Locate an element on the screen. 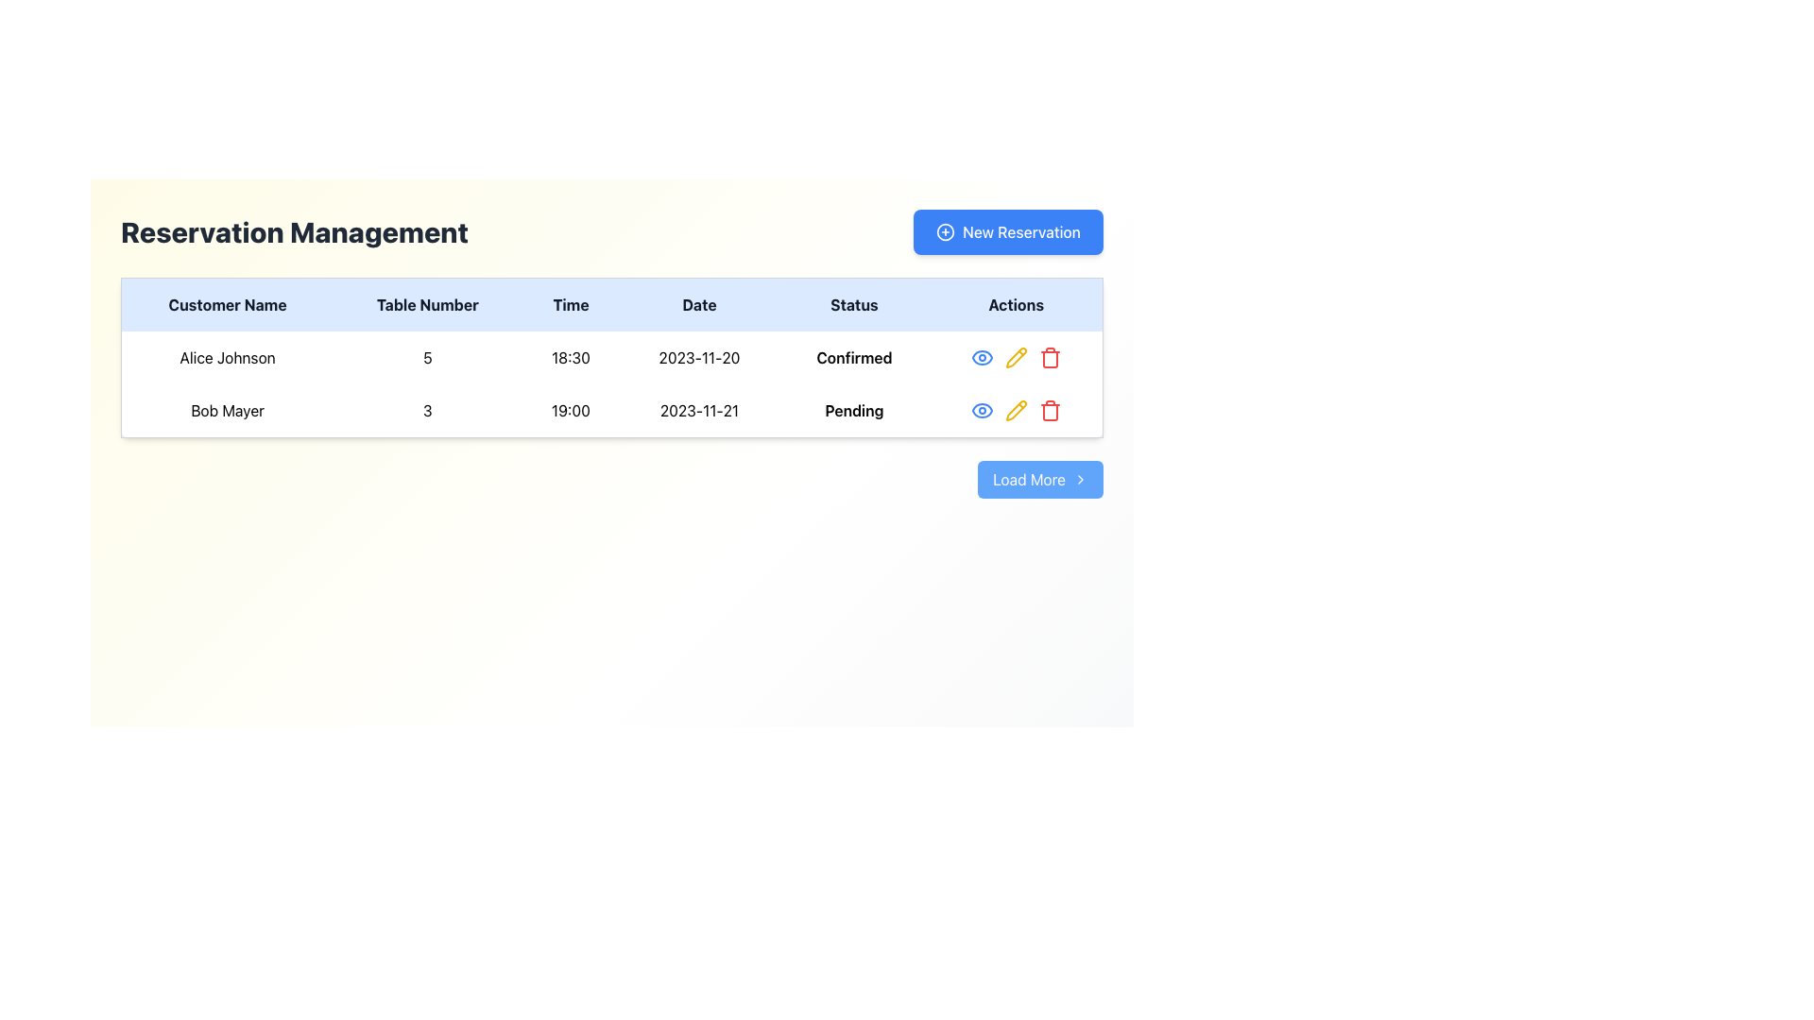  the red trash bin icon in the action control group for the reservation entry of 'Bob Mayer' is located at coordinates (1015, 410).